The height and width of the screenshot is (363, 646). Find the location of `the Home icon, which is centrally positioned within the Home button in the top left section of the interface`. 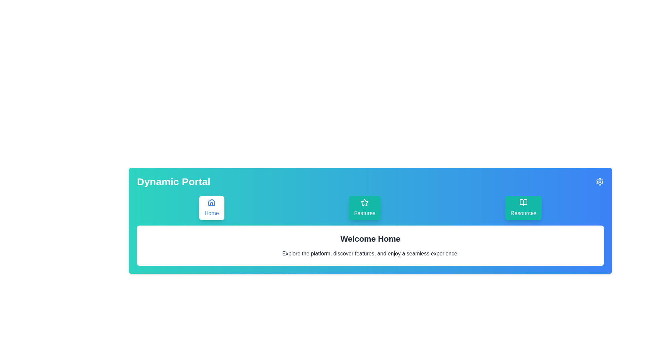

the Home icon, which is centrally positioned within the Home button in the top left section of the interface is located at coordinates (211, 202).